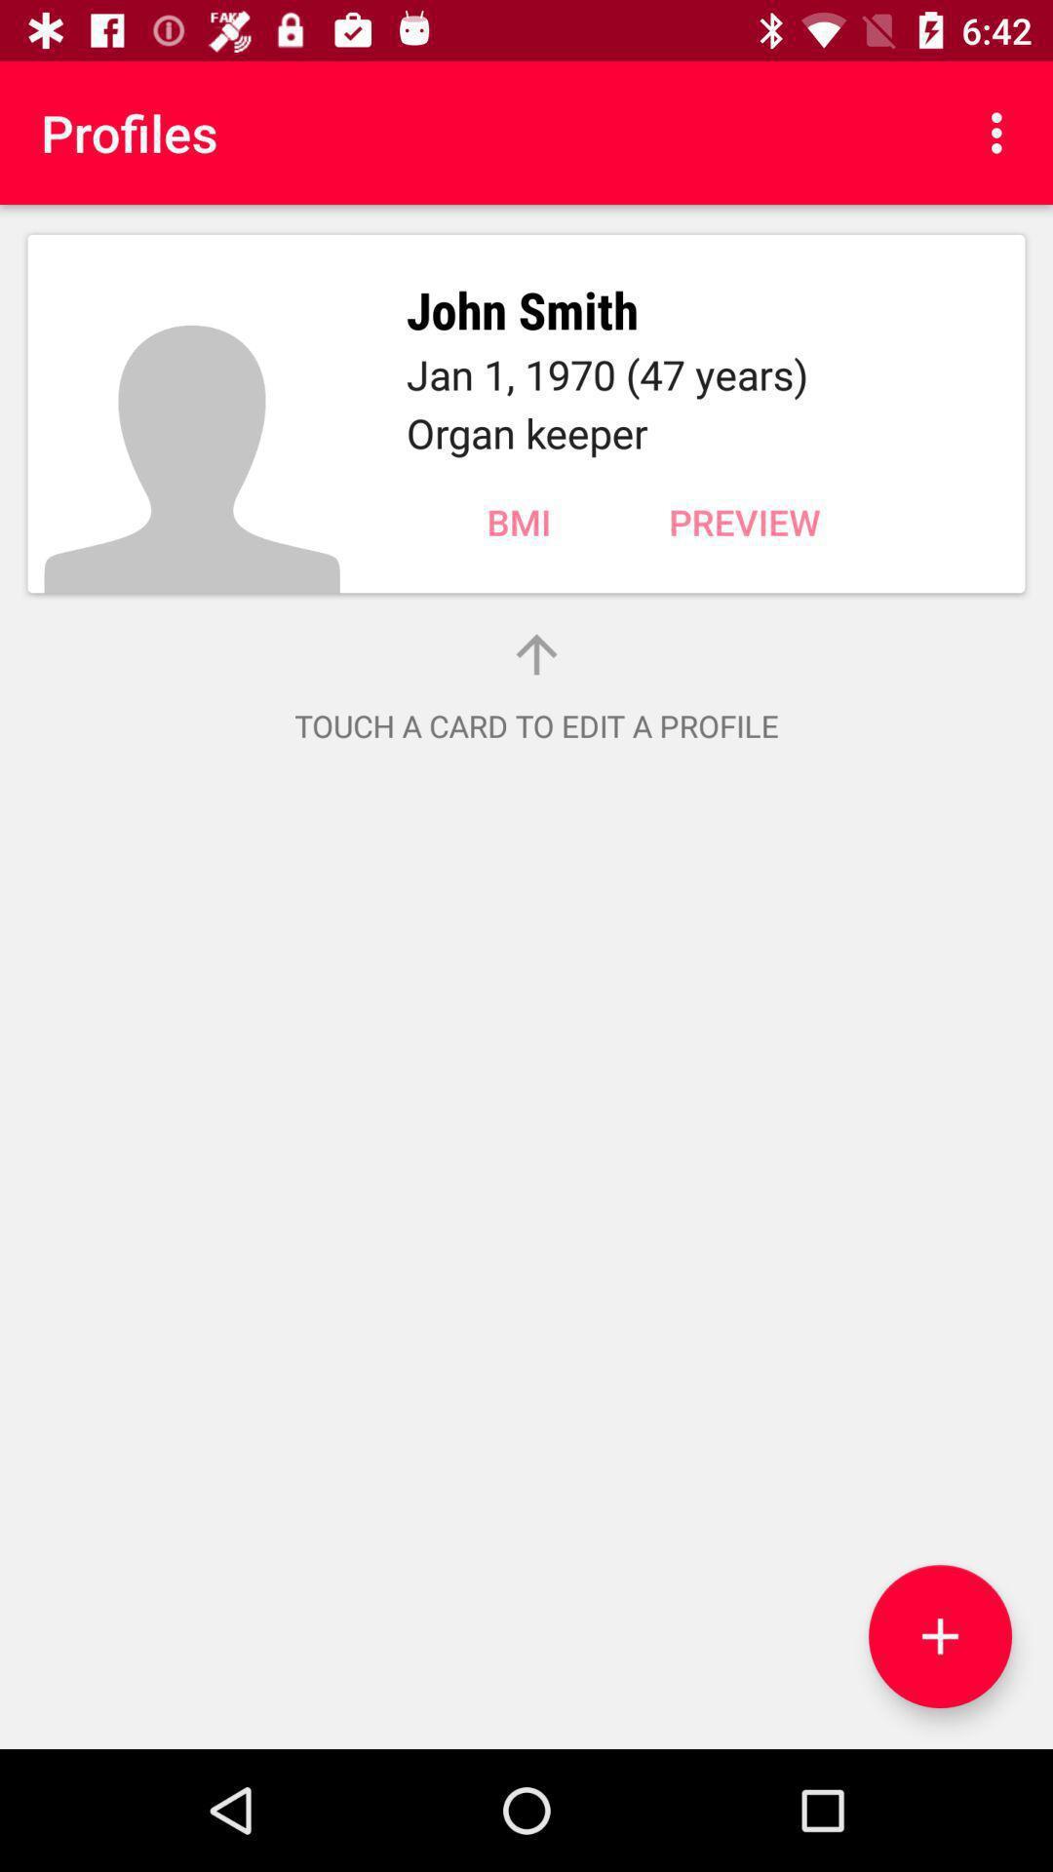 The height and width of the screenshot is (1872, 1053). Describe the element at coordinates (744, 522) in the screenshot. I see `preview icon` at that location.